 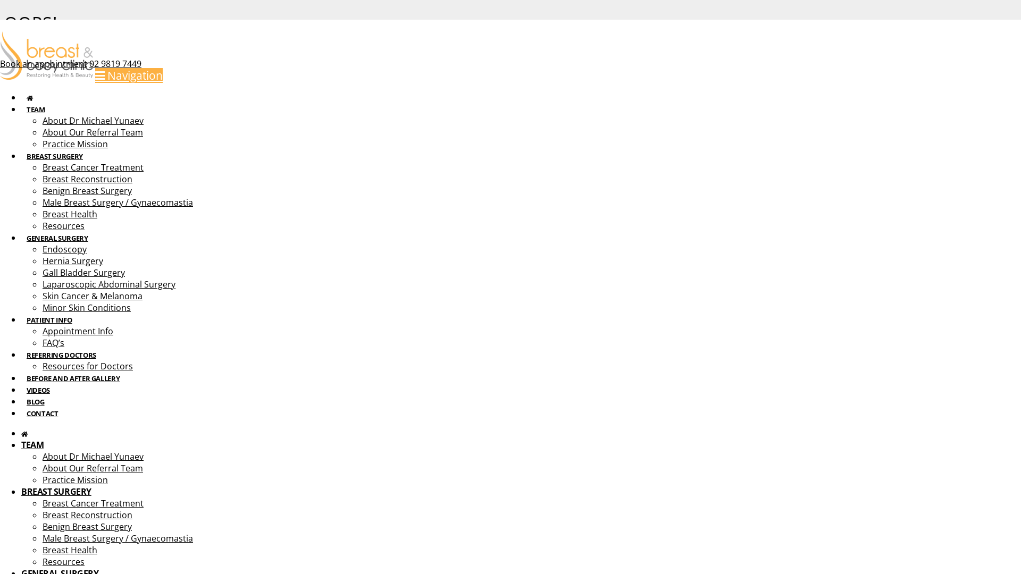 I want to click on 'Laparoscopic Abdominal Surgery', so click(x=43, y=284).